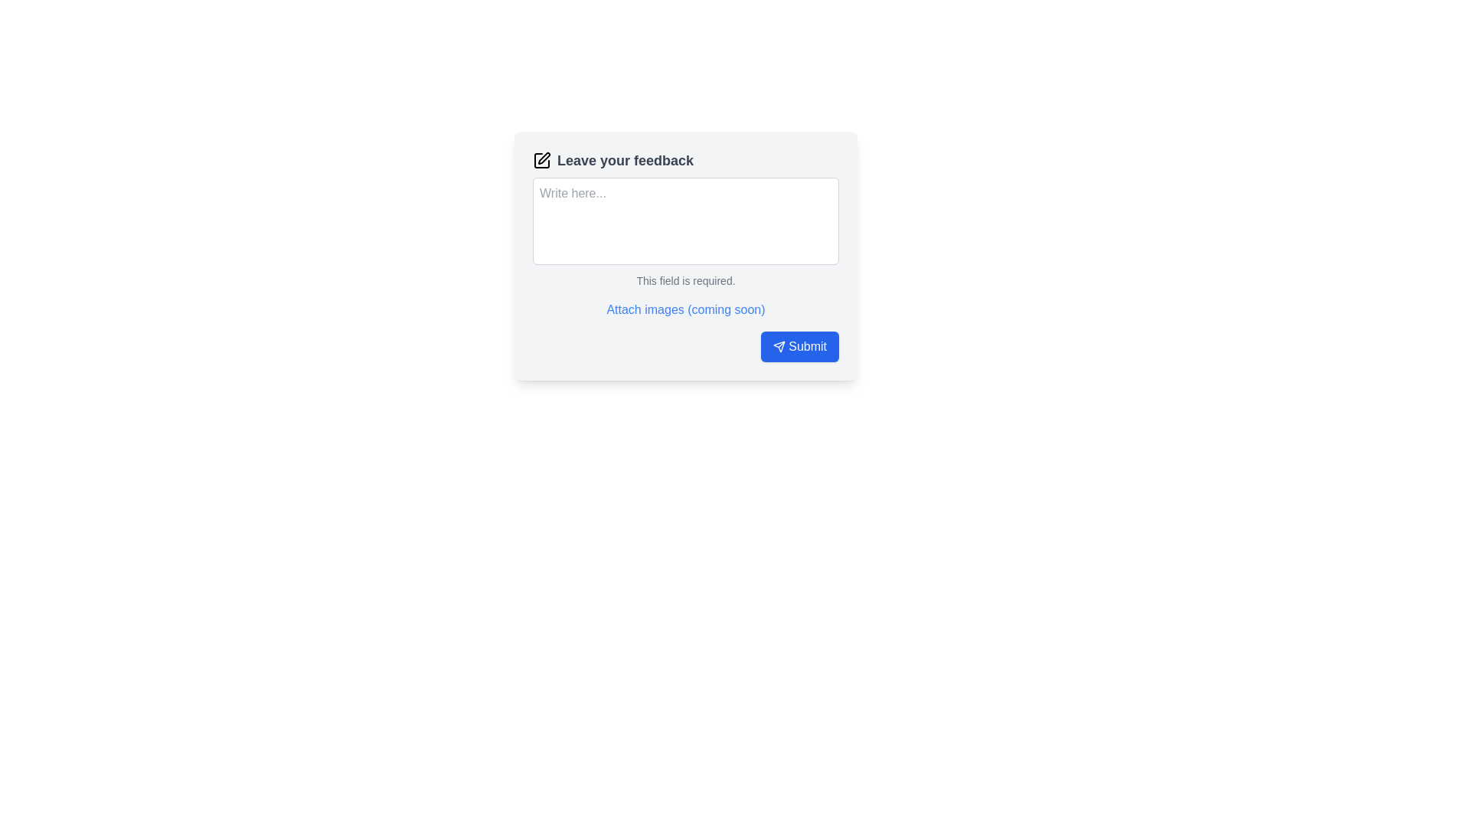 This screenshot has height=827, width=1470. Describe the element at coordinates (779, 346) in the screenshot. I see `the SVG icon representing the send action located on the left side of the 'Submit' button, which is situated in the lower-right part of the feedback form` at that location.